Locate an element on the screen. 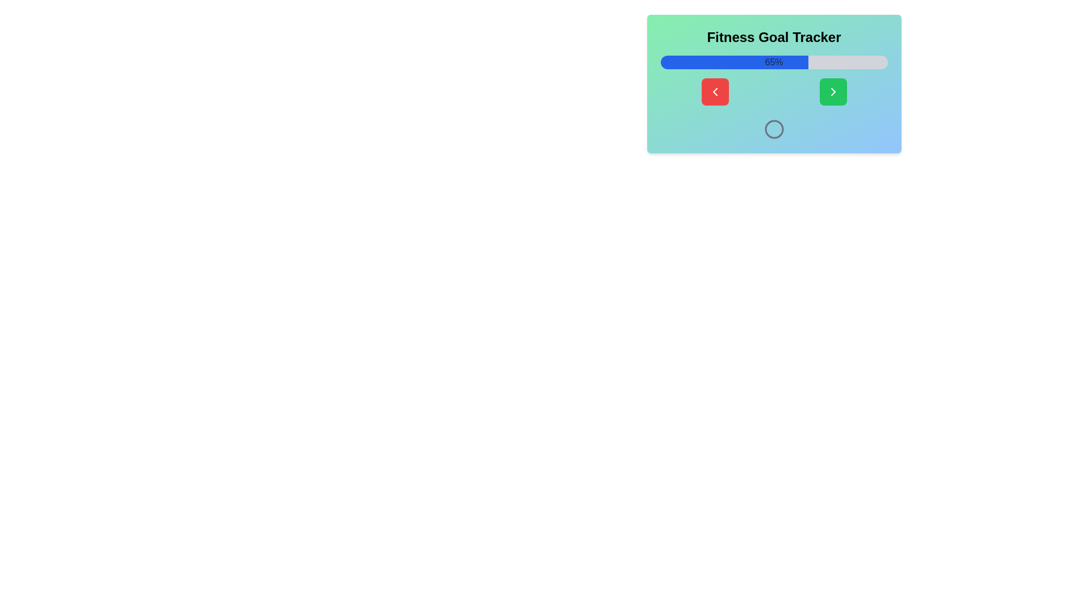 The height and width of the screenshot is (613, 1090). the Circle SVG Graphic that serves as a decorative element in the fitness tracker panel is located at coordinates (773, 128).